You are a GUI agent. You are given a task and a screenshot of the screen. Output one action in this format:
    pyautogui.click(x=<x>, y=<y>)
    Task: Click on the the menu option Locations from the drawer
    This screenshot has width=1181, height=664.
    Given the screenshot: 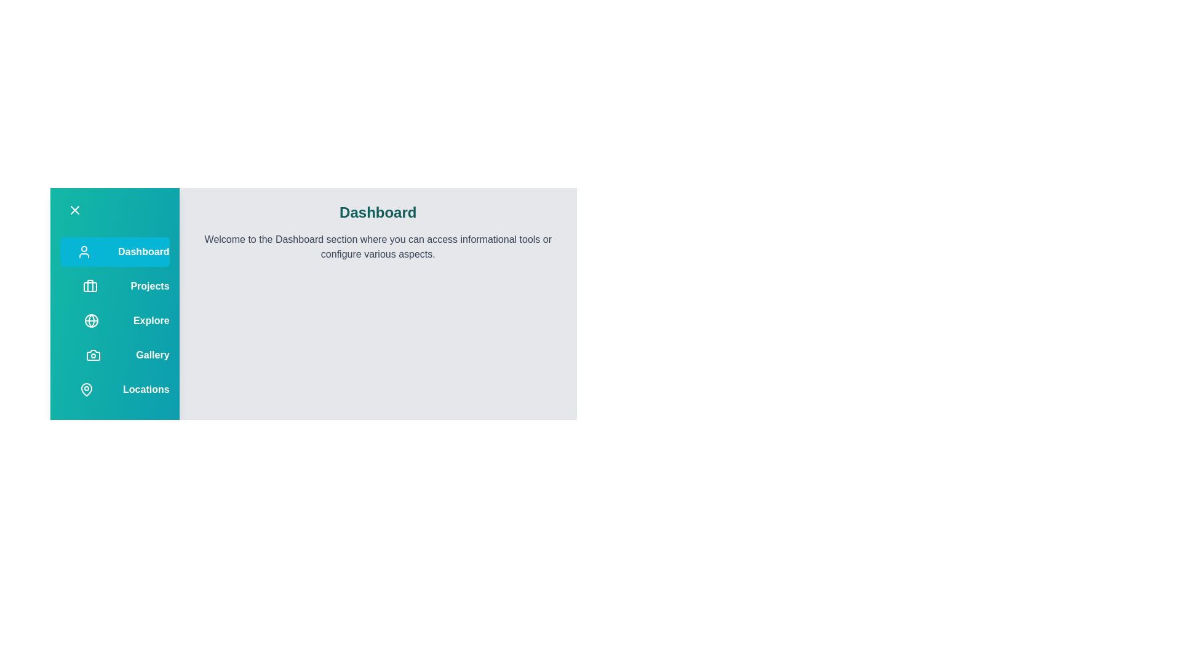 What is the action you would take?
    pyautogui.click(x=114, y=389)
    